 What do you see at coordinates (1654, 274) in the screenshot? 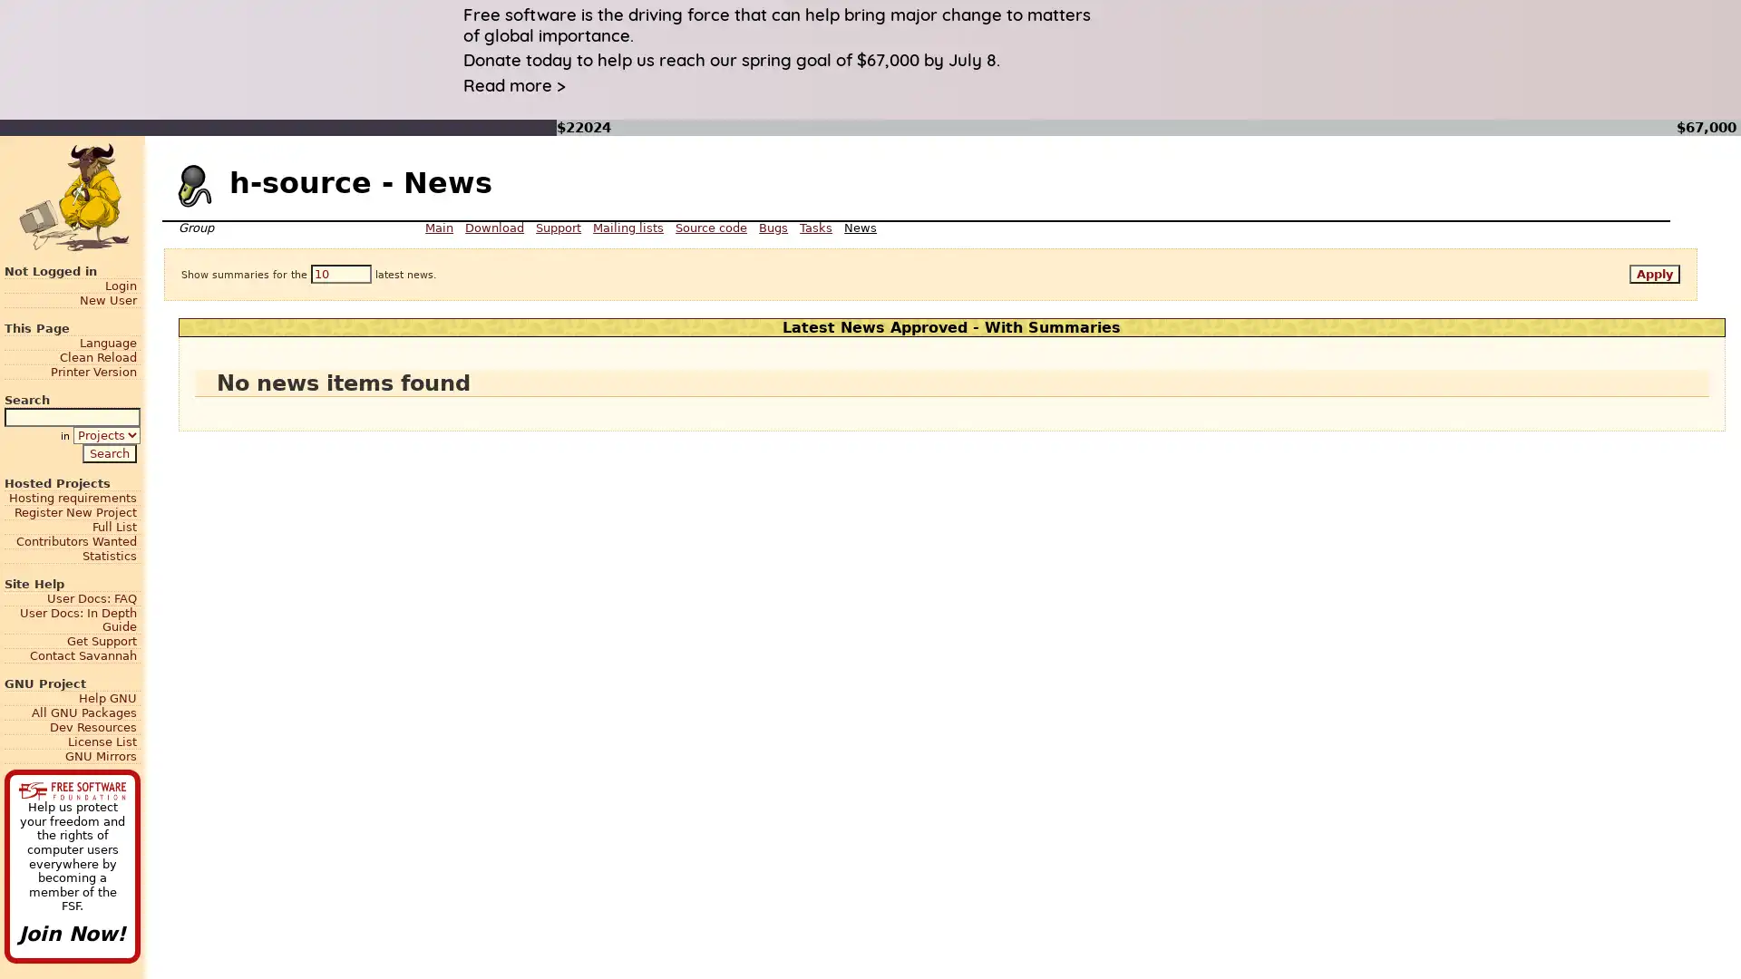
I see `Apply` at bounding box center [1654, 274].